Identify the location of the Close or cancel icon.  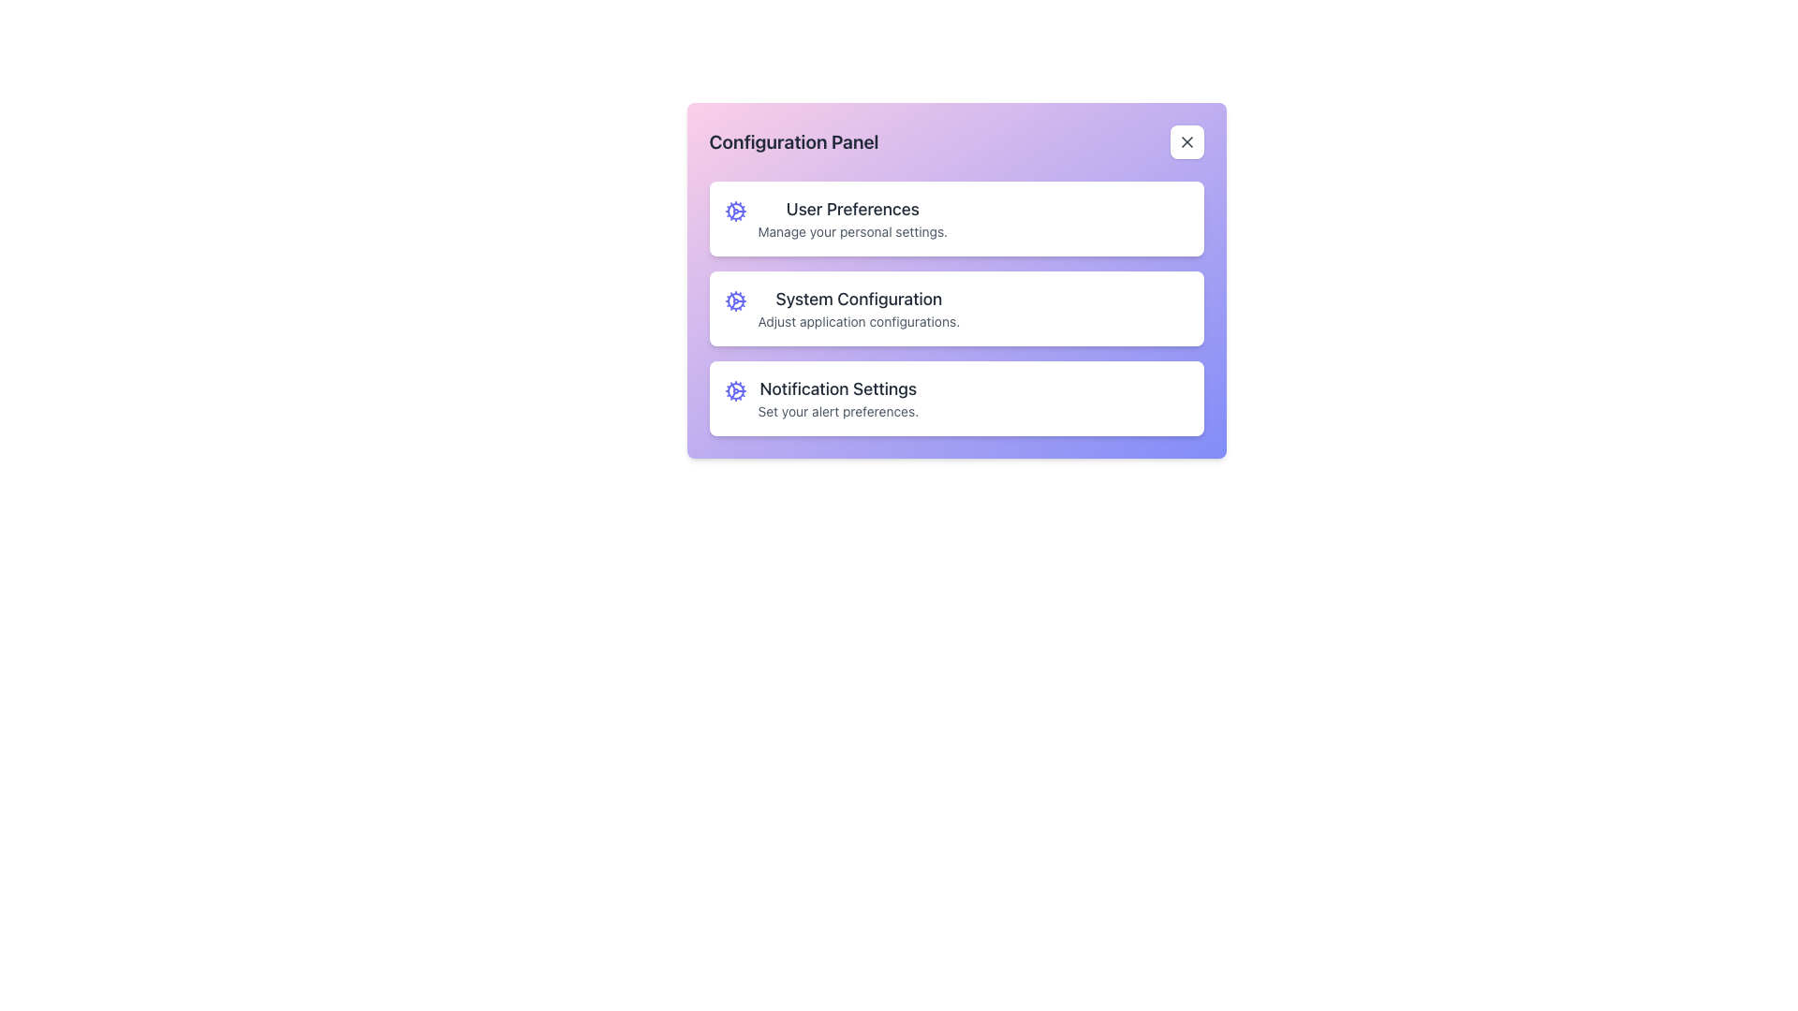
(1186, 140).